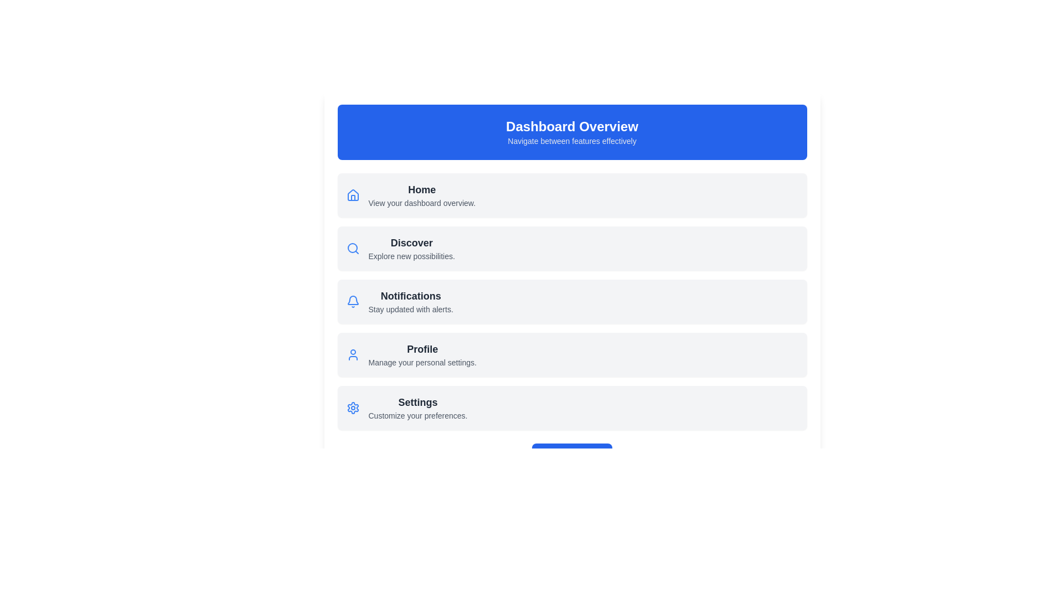 The width and height of the screenshot is (1063, 598). Describe the element at coordinates (421, 195) in the screenshot. I see `the 'Home' label and its accompanying description, which is styled with a modern design and located below the 'Dashboard Overview' title` at that location.